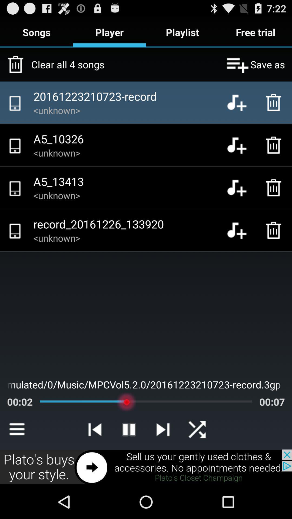  Describe the element at coordinates (275, 188) in the screenshot. I see `delete this song` at that location.